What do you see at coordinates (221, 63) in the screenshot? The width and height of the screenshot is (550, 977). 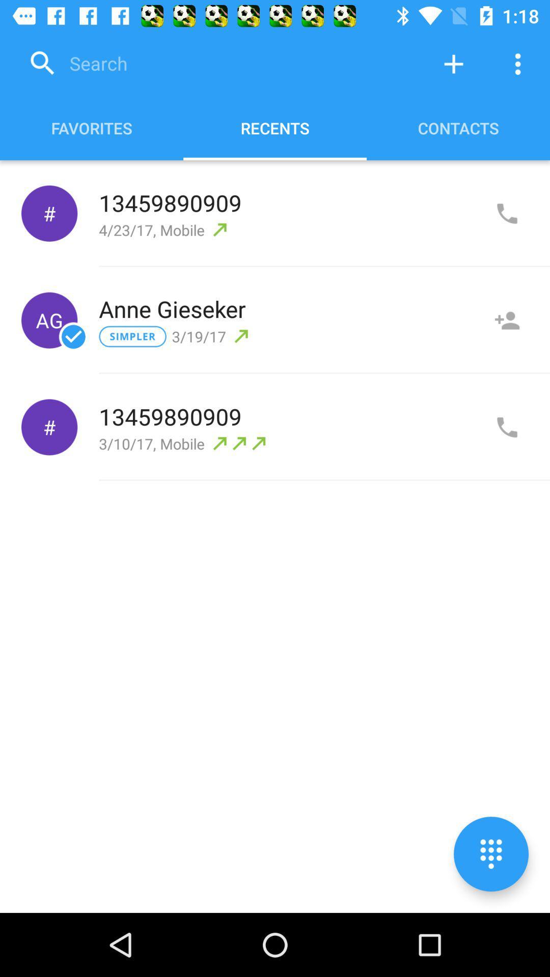 I see `search query` at bounding box center [221, 63].